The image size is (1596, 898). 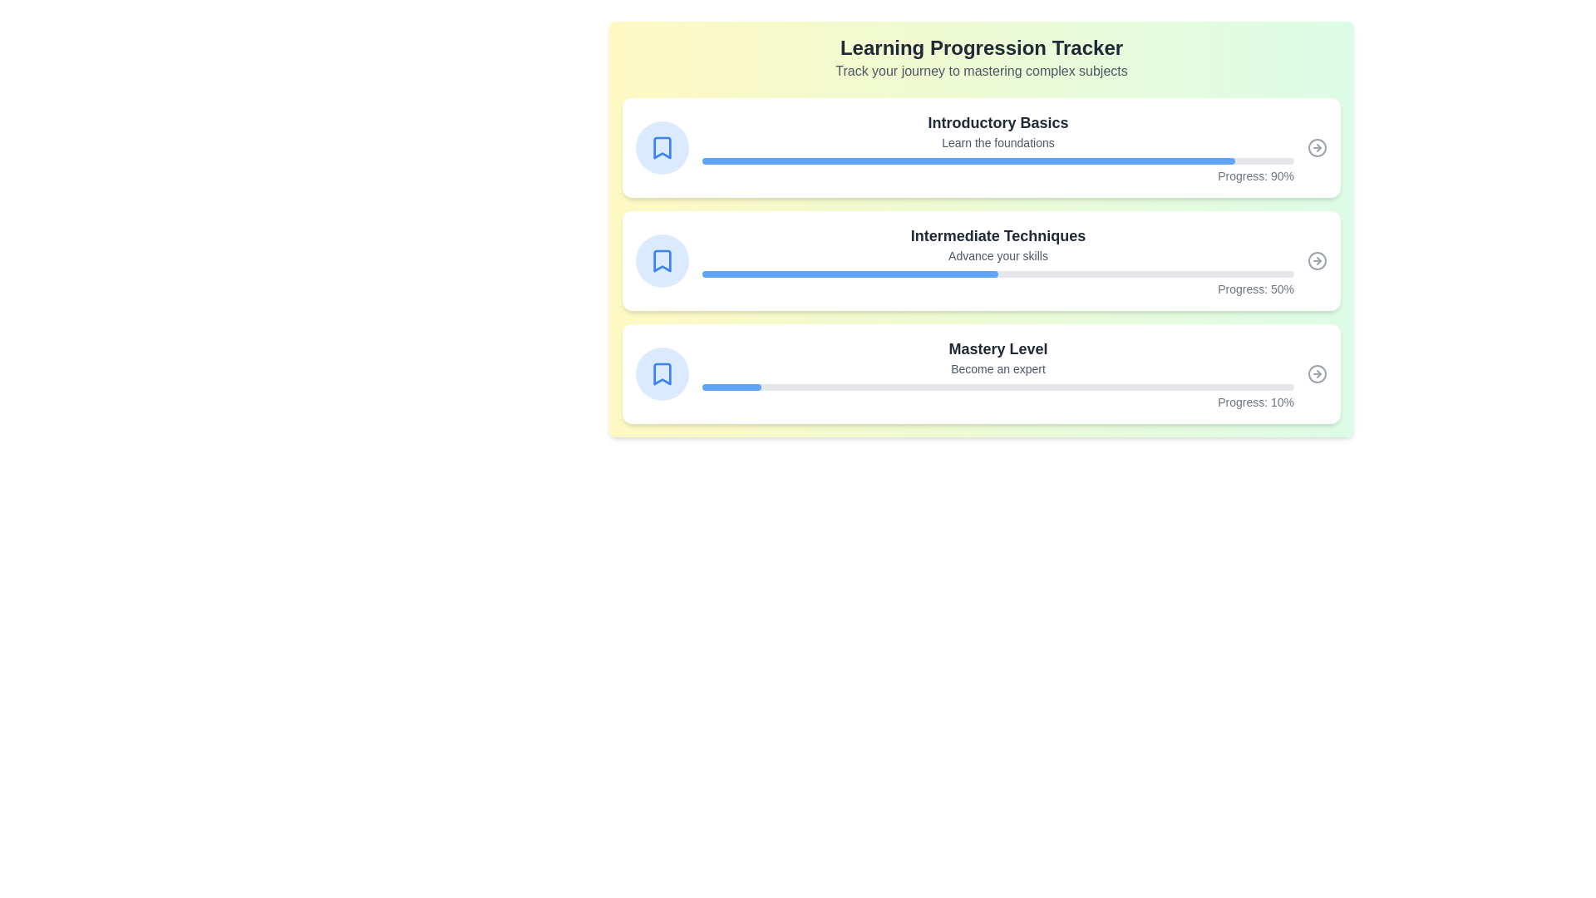 I want to click on the presence of the central circle within the arrow icon at the far-right end of the 'Mastery Level' progress bar, so click(x=1316, y=374).